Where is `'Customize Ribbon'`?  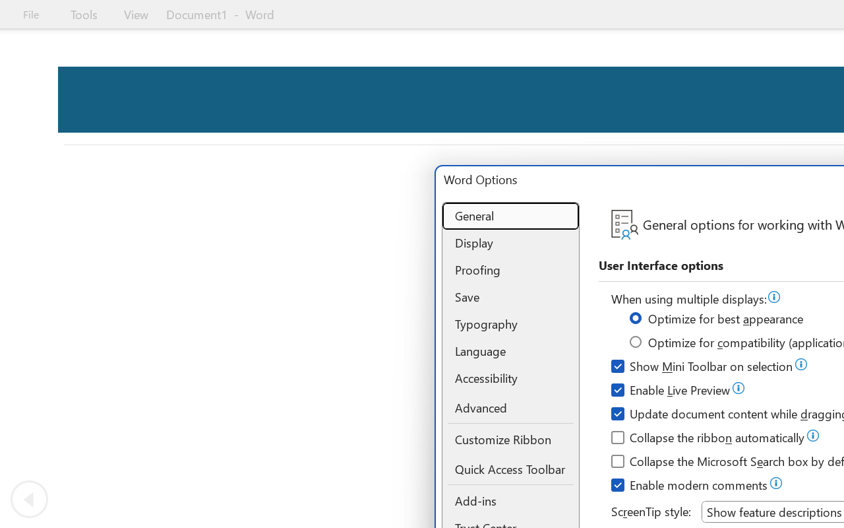
'Customize Ribbon' is located at coordinates (510, 439).